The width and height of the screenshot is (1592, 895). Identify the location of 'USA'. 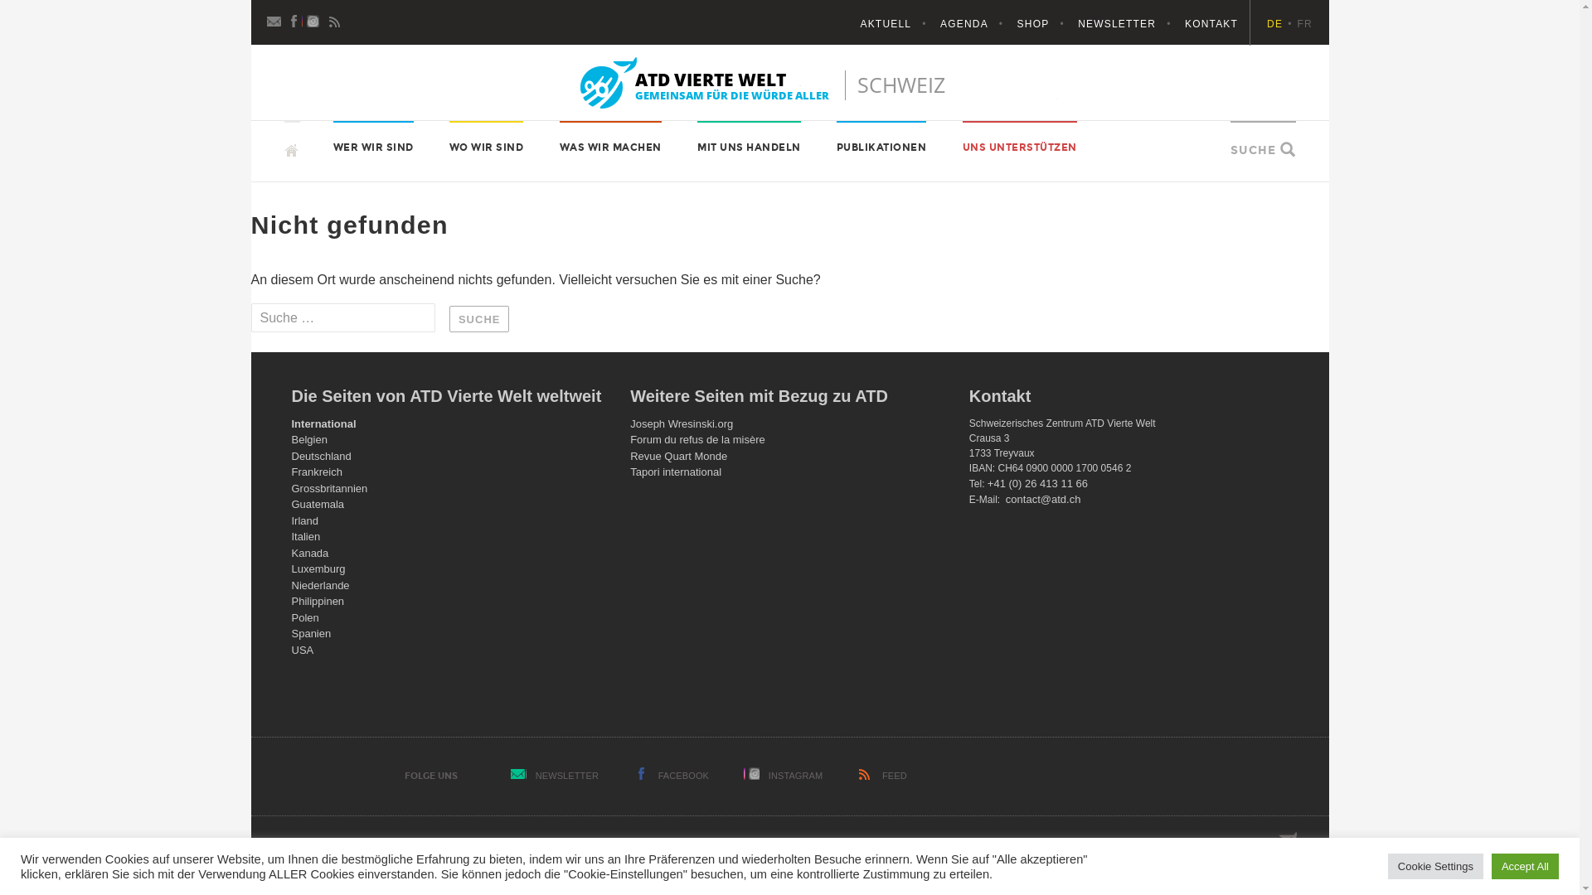
(303, 649).